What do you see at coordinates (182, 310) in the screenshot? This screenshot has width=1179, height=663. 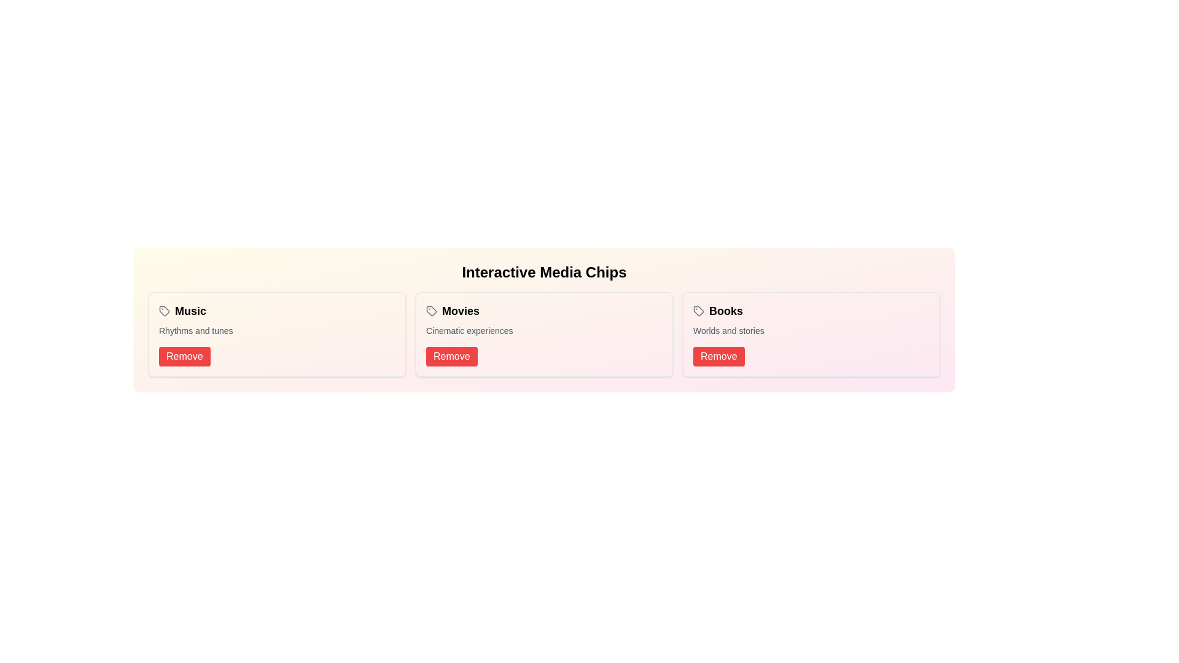 I see `the text content of the chip labeled Music` at bounding box center [182, 310].